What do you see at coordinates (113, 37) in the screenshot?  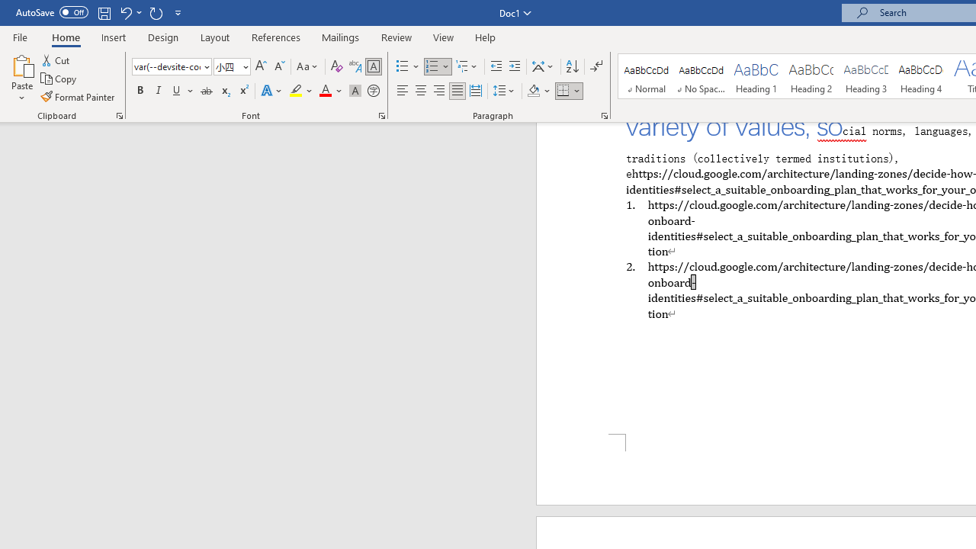 I see `'Insert'` at bounding box center [113, 37].